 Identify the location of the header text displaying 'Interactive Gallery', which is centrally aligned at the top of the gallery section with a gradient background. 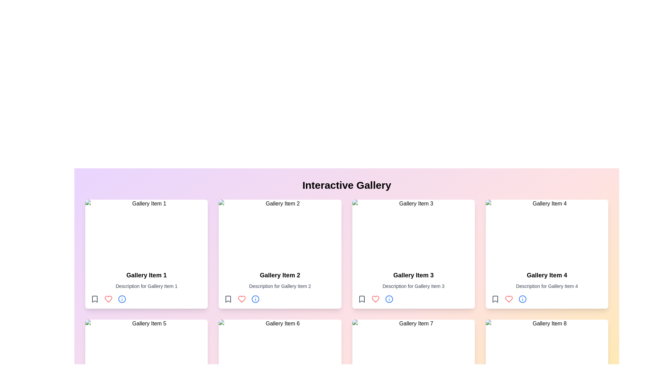
(347, 185).